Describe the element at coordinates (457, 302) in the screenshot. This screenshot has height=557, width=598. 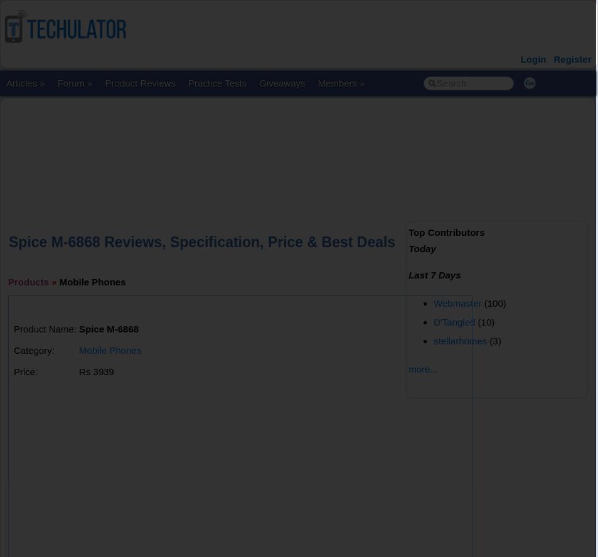
I see `'Webmaster'` at that location.